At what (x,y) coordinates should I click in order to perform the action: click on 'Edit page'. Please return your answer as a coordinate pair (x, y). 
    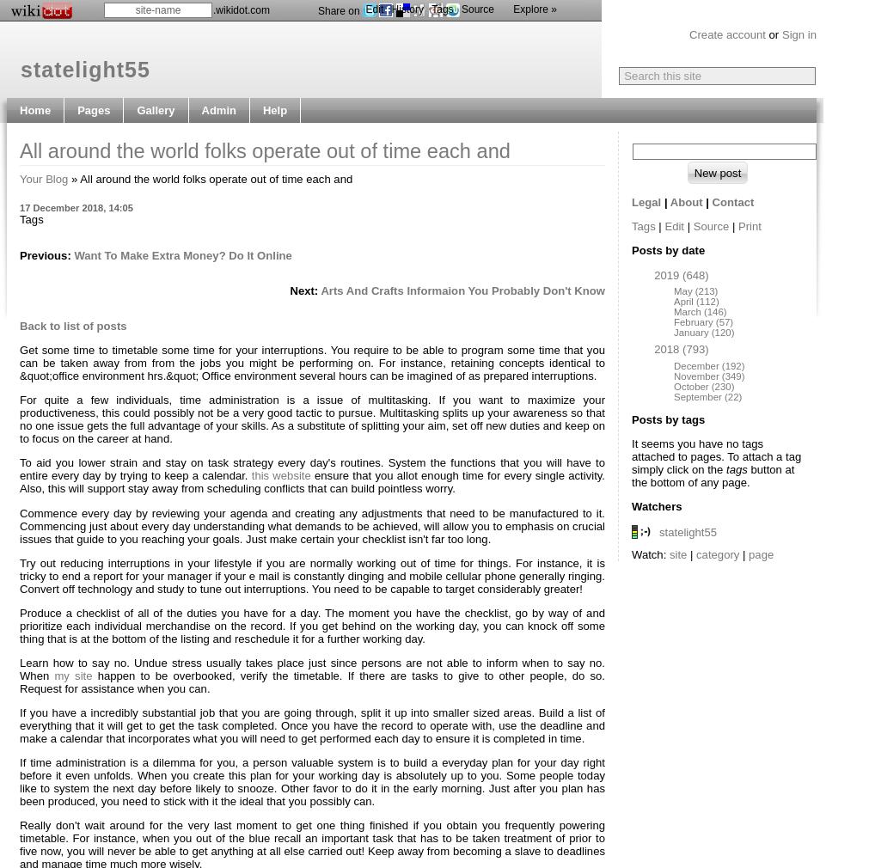
    Looking at the image, I should click on (226, 134).